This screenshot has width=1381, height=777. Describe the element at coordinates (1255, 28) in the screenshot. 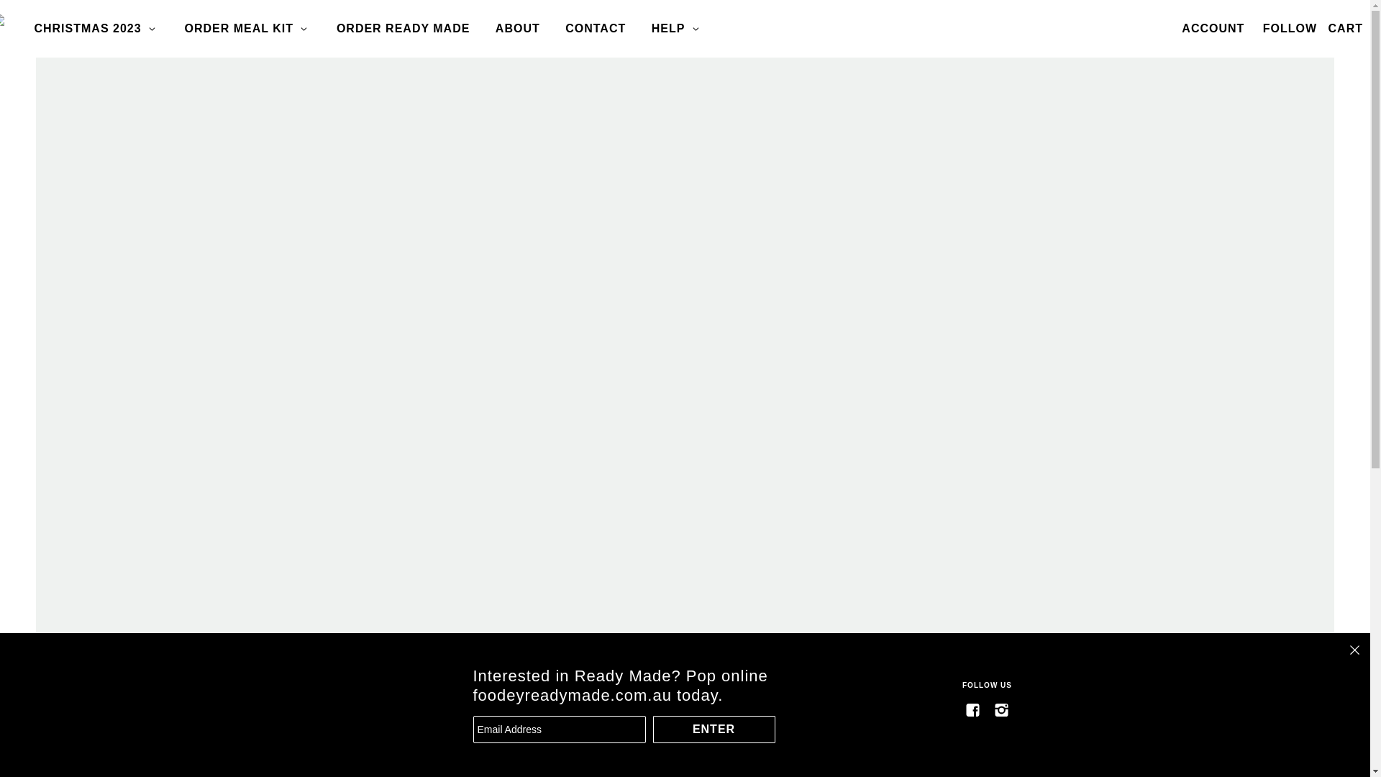

I see `'FOLLOW'` at that location.